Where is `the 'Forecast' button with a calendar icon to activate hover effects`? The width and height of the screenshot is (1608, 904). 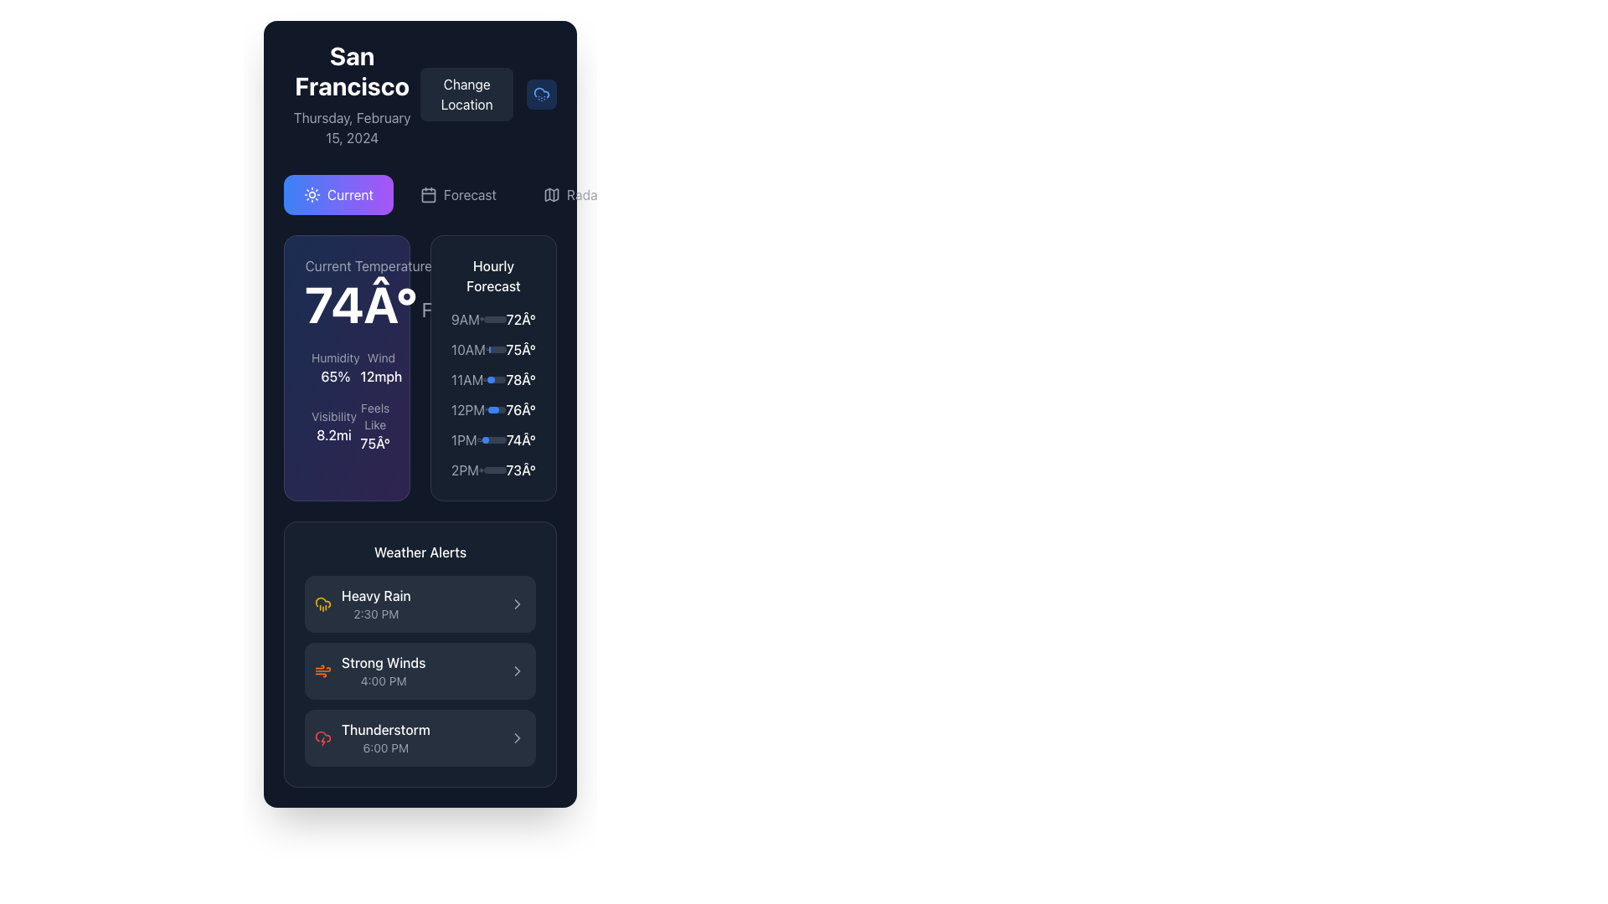 the 'Forecast' button with a calendar icon to activate hover effects is located at coordinates (458, 193).